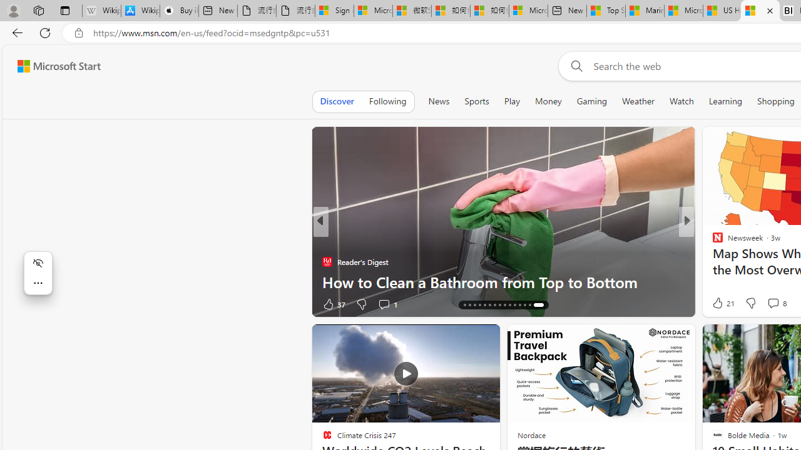 This screenshot has height=450, width=801. Describe the element at coordinates (775, 302) in the screenshot. I see `'View comments 8 Comment'` at that location.